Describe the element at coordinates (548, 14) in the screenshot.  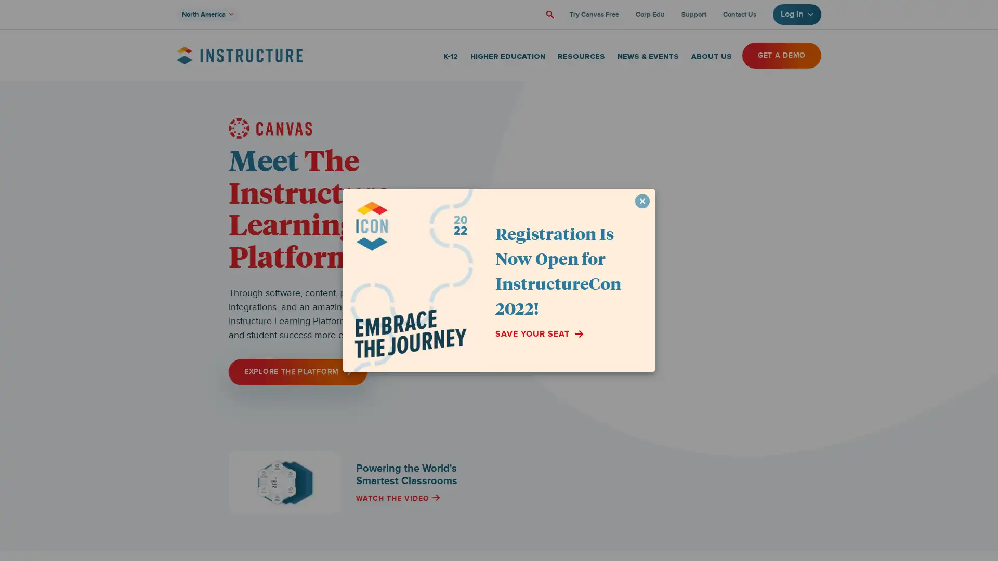
I see `Apply` at that location.